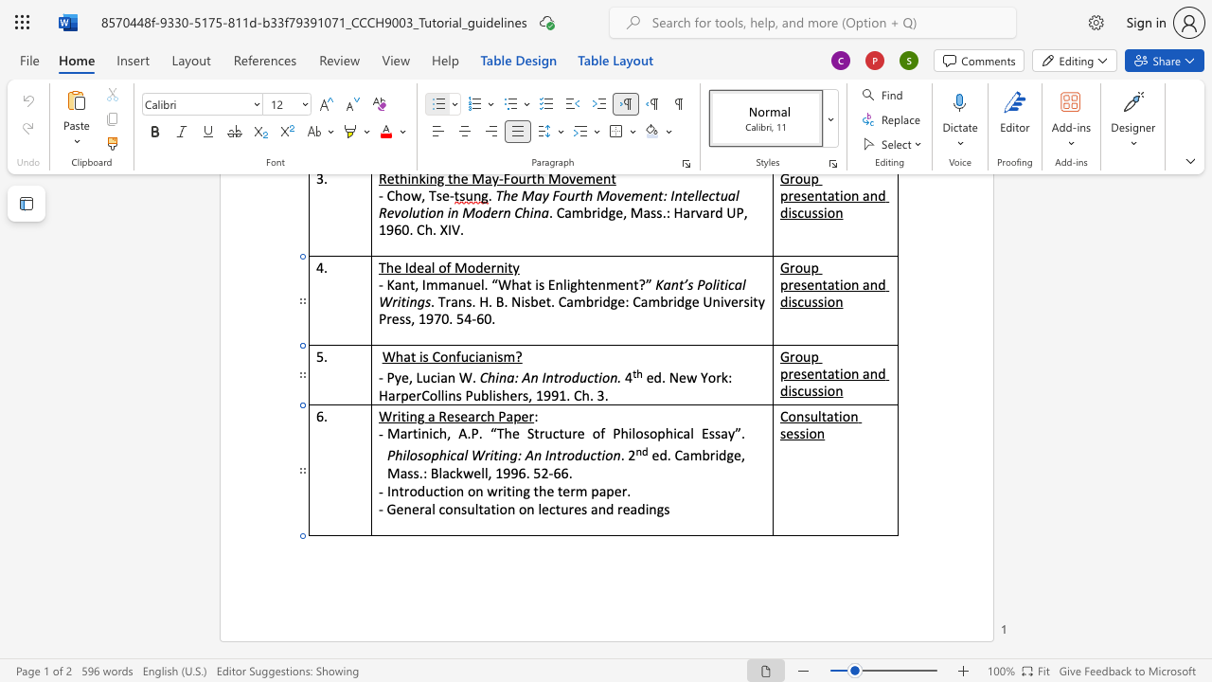 Image resolution: width=1212 pixels, height=682 pixels. What do you see at coordinates (803, 415) in the screenshot?
I see `the space between the continuous character "n" and "s" in the text` at bounding box center [803, 415].